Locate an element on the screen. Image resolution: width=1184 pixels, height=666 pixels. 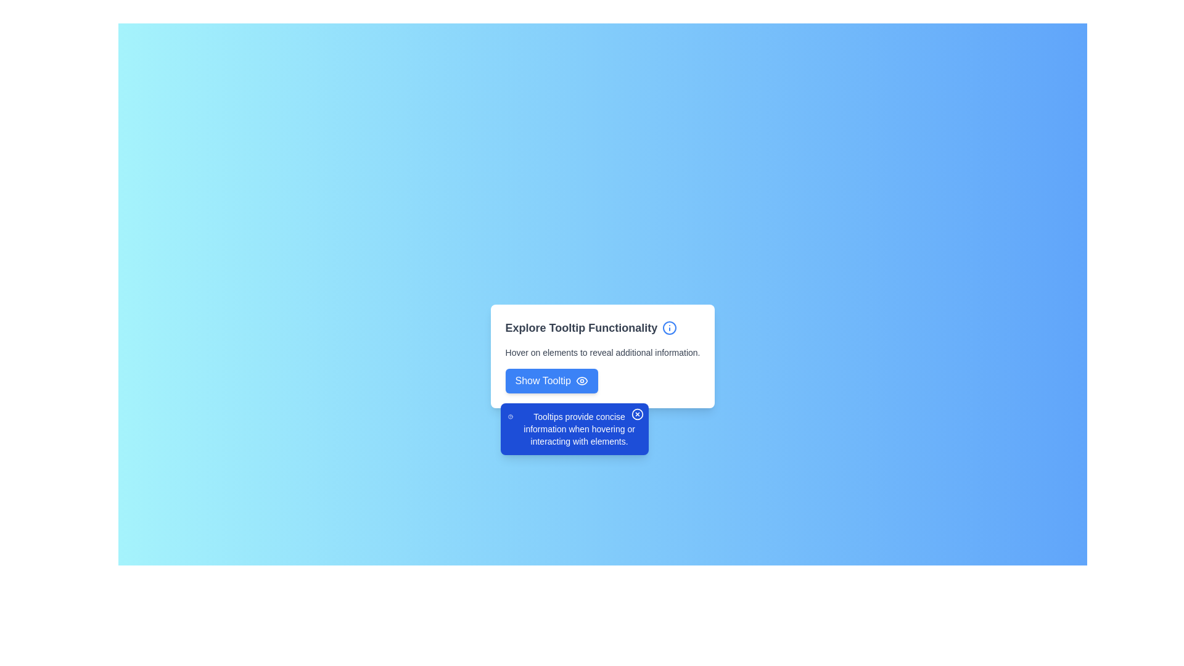
the decorative Circle SVG component that serves as the base of the information icon next to the title text 'Explore Tooltip Functionality' is located at coordinates (669, 327).